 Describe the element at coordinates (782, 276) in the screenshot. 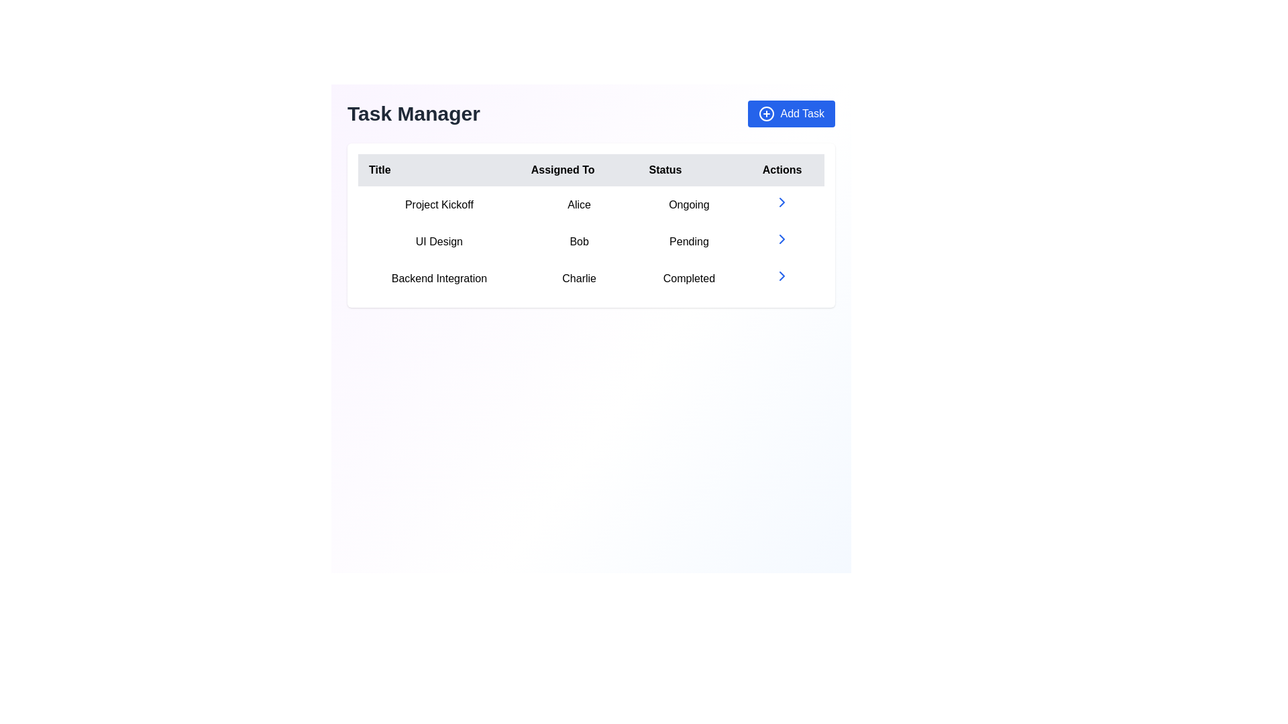

I see `the button in the 'Actions' column of the table located in the third row for the 'Backend Integration' task` at that location.